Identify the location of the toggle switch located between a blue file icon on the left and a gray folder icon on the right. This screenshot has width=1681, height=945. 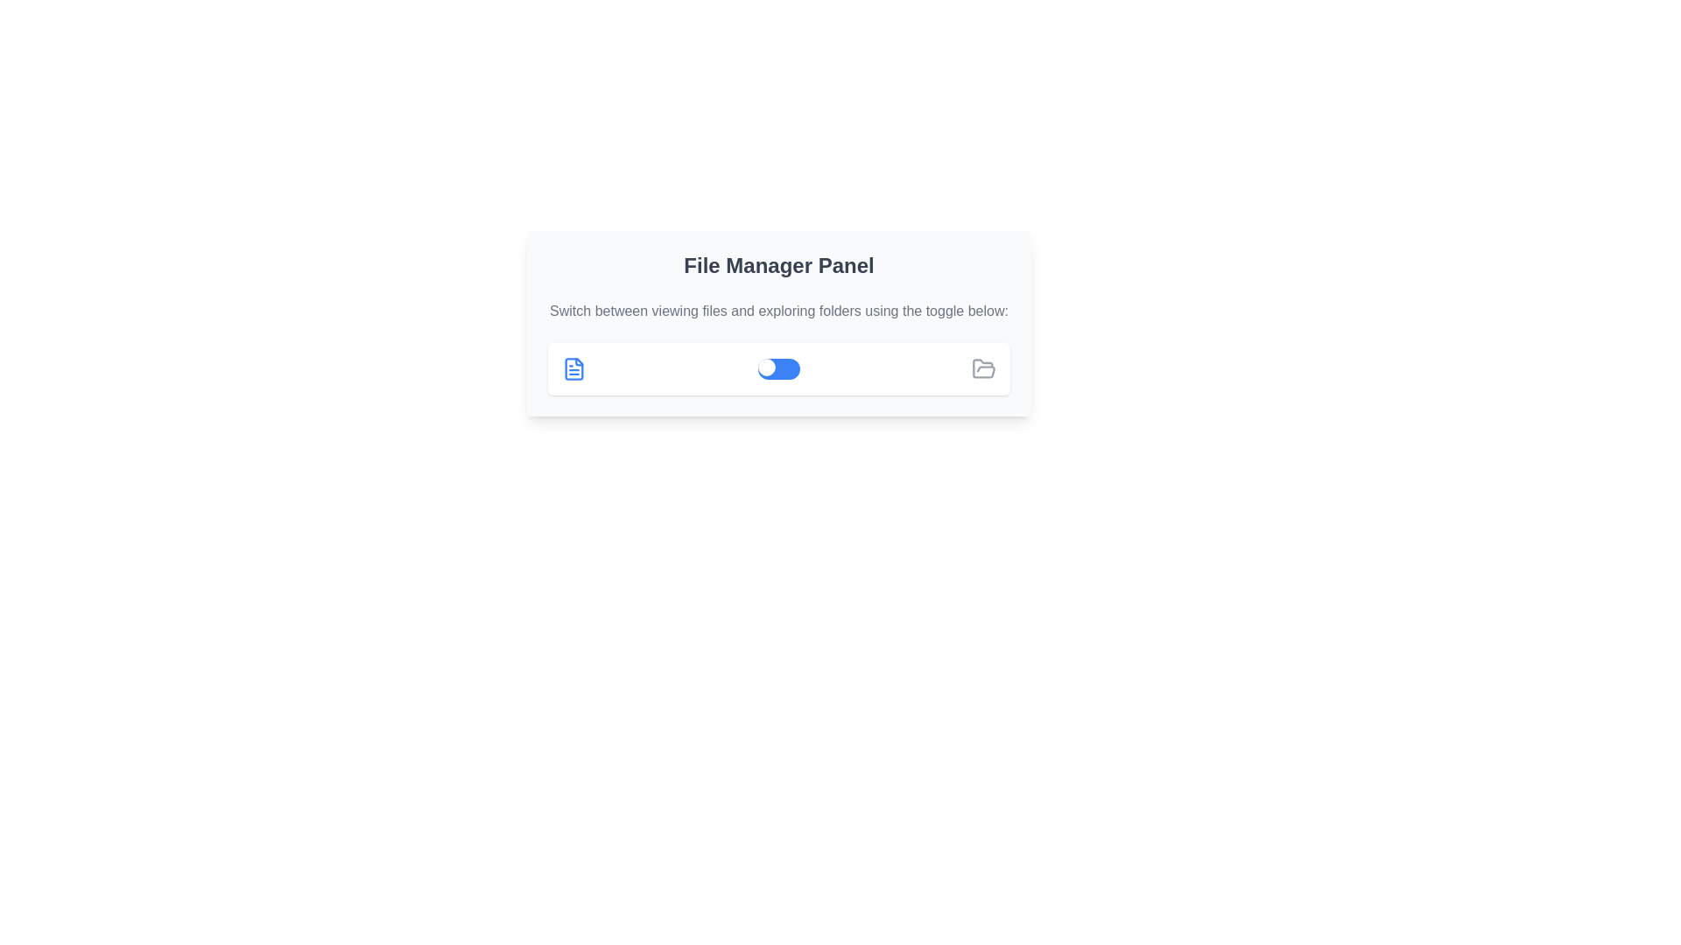
(777, 367).